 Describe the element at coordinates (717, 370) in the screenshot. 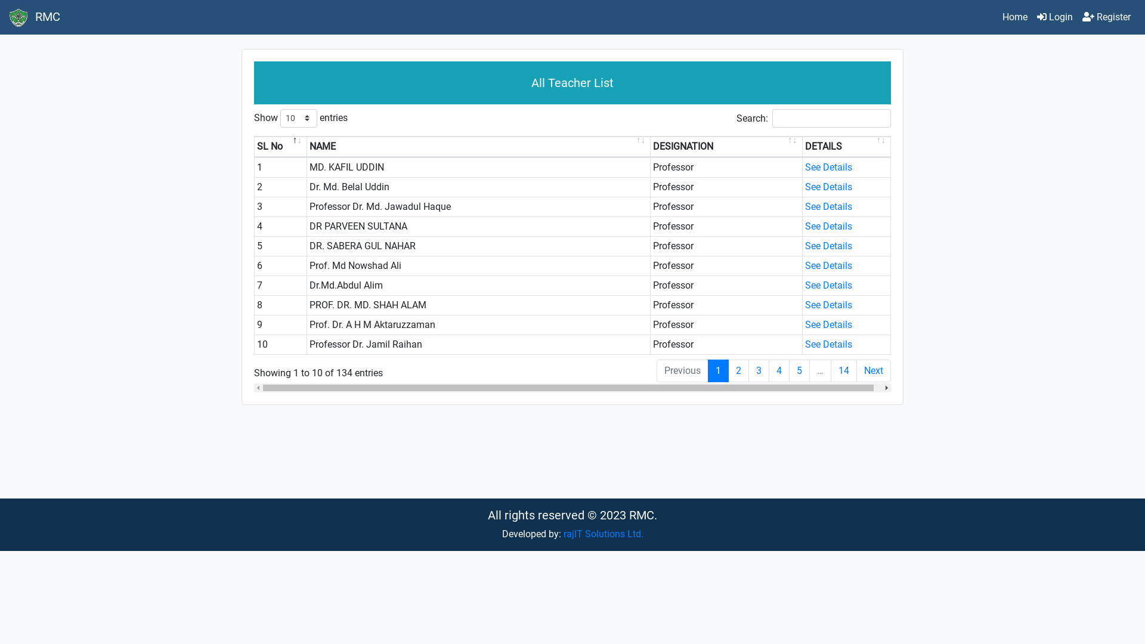

I see `'1'` at that location.